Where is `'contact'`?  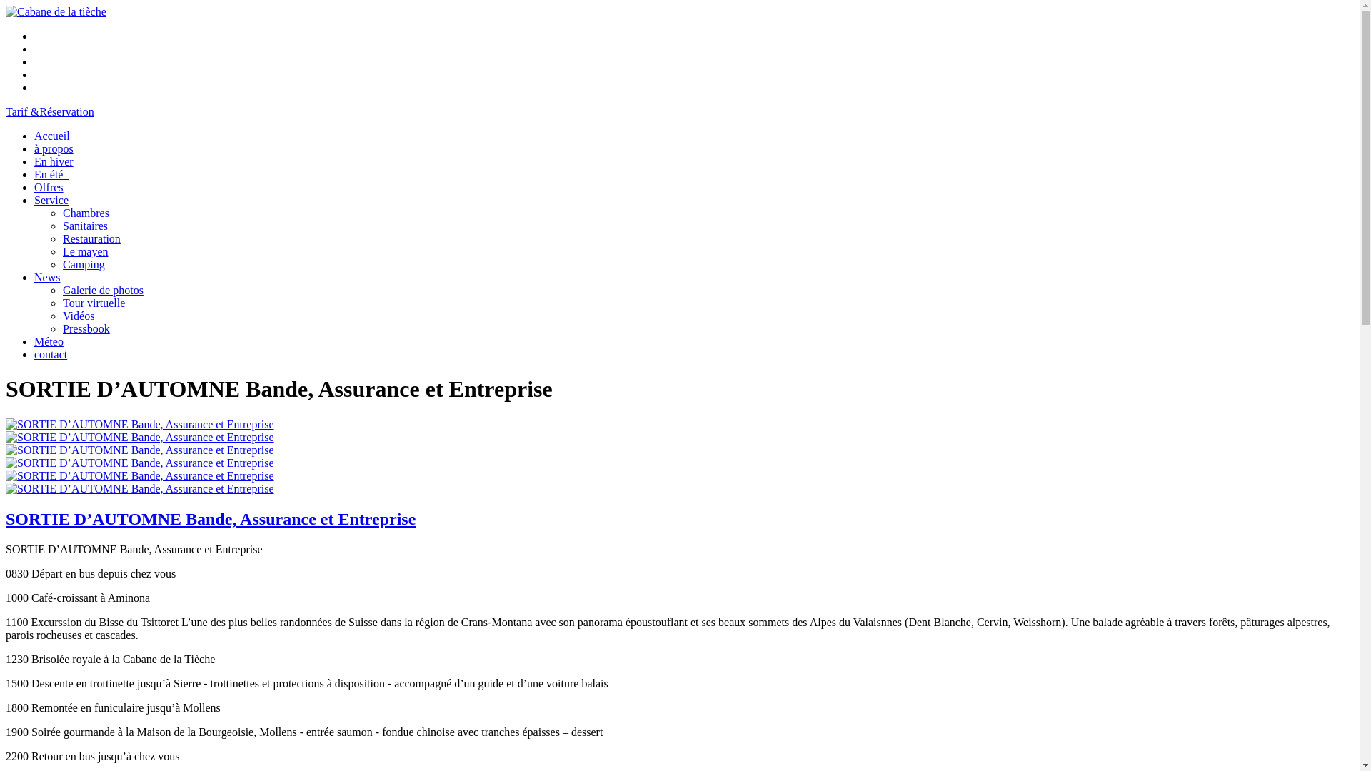 'contact' is located at coordinates (34, 353).